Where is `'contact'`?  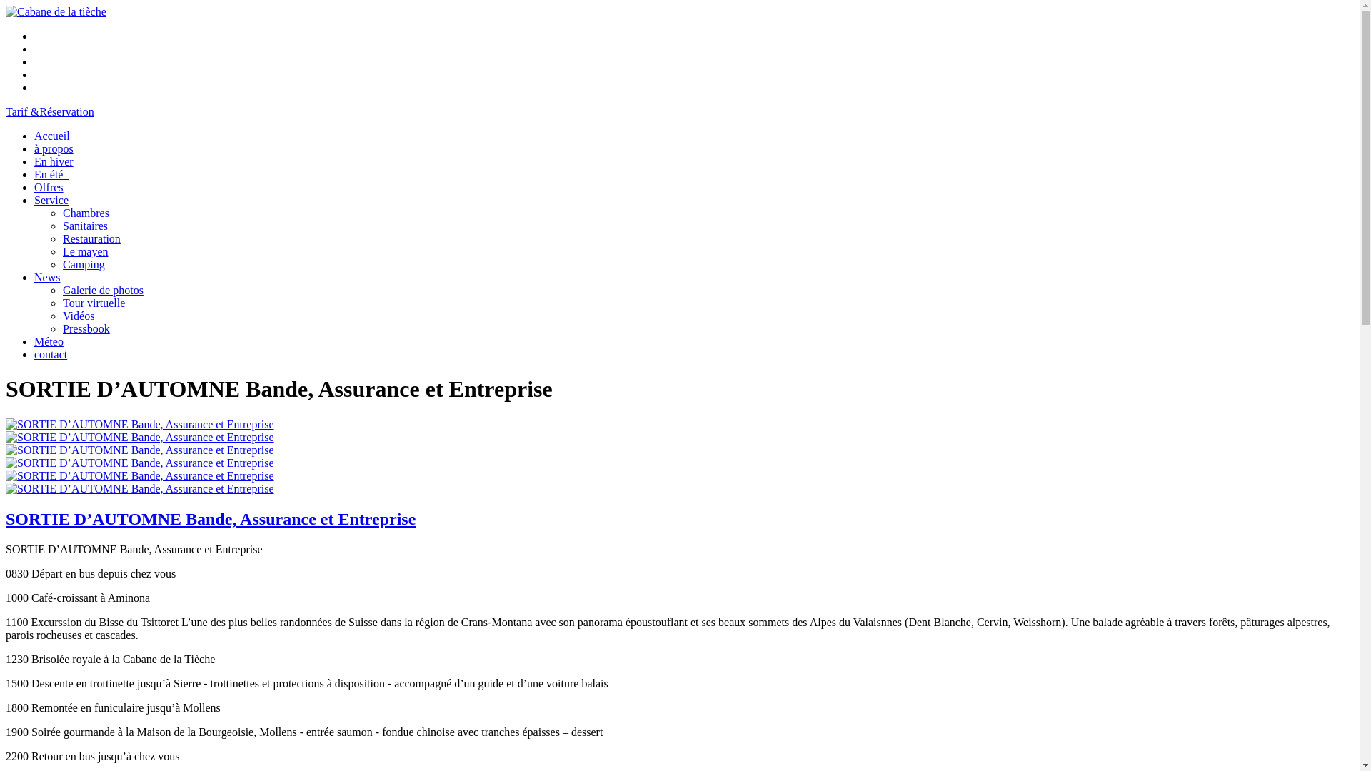 'contact' is located at coordinates (34, 353).